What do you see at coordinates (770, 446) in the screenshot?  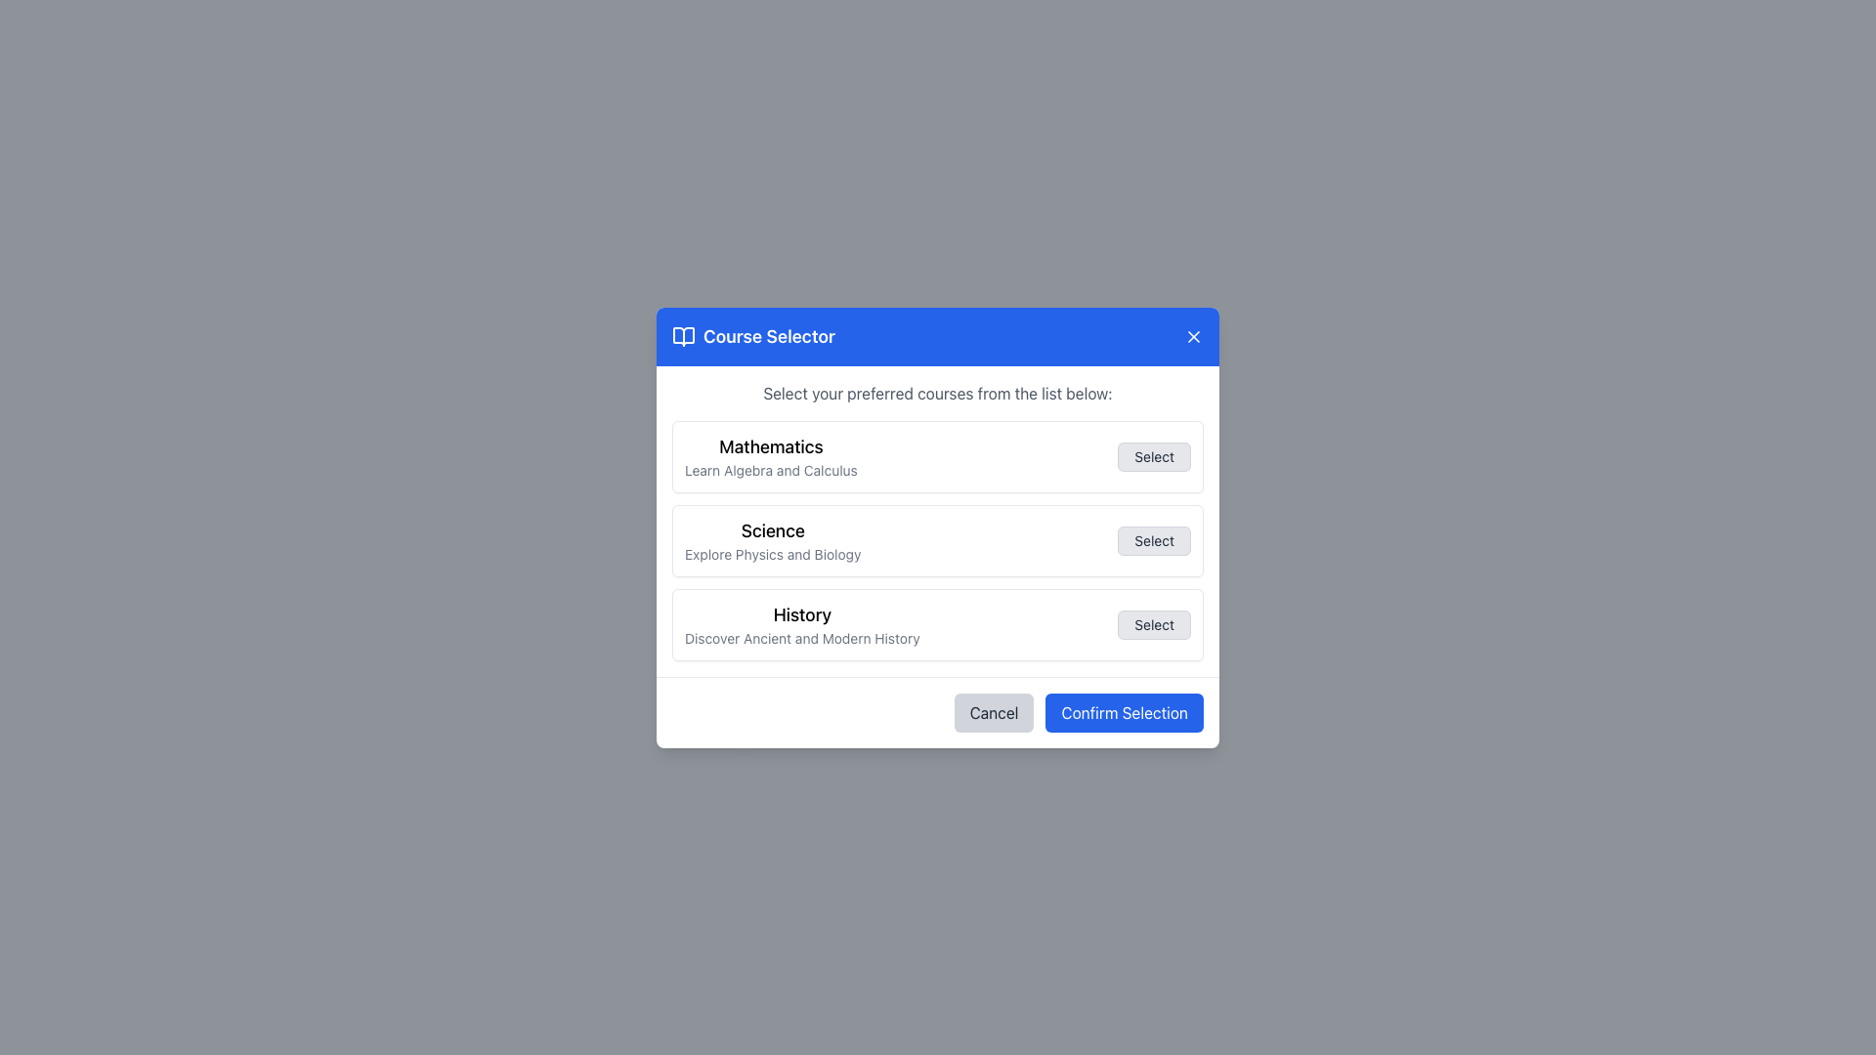 I see `the 'Mathematics' text label, which is prominently displayed in a bold font within a white rectangular area in the course selection dialog` at bounding box center [770, 446].